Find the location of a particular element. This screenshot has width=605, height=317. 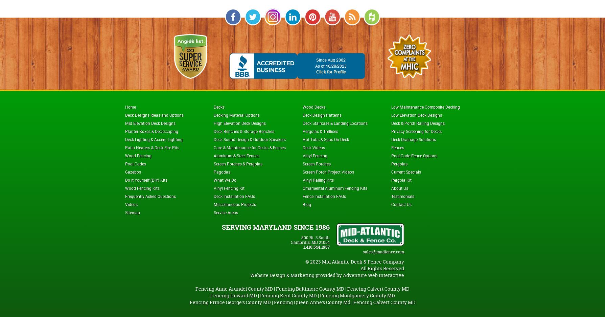

'Deck Sound Design & Outdoor Speakers' is located at coordinates (250, 139).